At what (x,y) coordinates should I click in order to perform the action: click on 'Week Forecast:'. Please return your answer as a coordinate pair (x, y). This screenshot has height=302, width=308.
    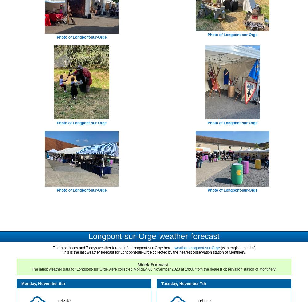
    Looking at the image, I should click on (138, 264).